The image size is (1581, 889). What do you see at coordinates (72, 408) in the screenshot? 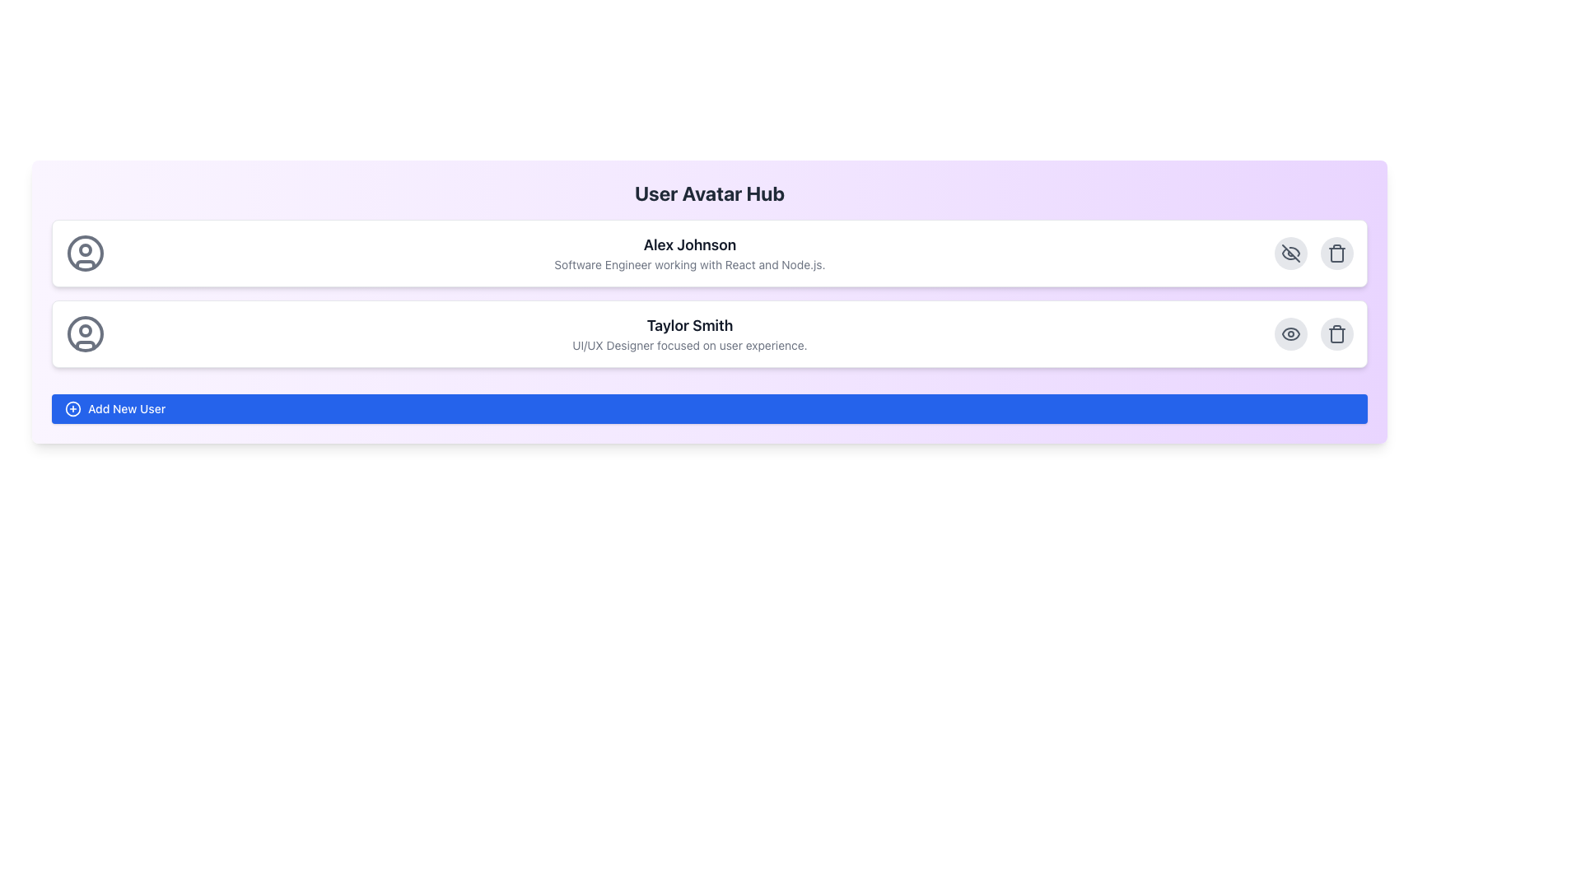
I see `the circle element of the circular plus icon in the 'Add New User' button located at the bottom-left corner of the interface` at bounding box center [72, 408].